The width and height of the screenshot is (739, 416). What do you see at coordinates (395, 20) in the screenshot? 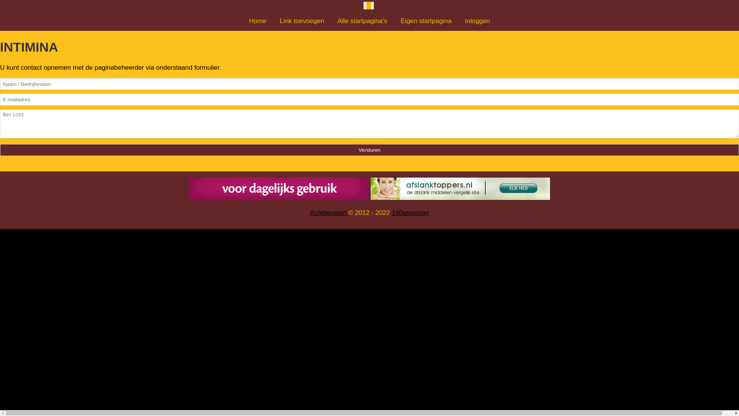
I see `'Eigen startpagina'` at bounding box center [395, 20].